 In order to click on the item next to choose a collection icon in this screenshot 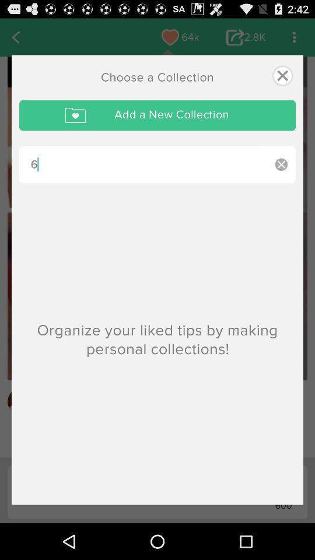, I will do `click(282, 75)`.